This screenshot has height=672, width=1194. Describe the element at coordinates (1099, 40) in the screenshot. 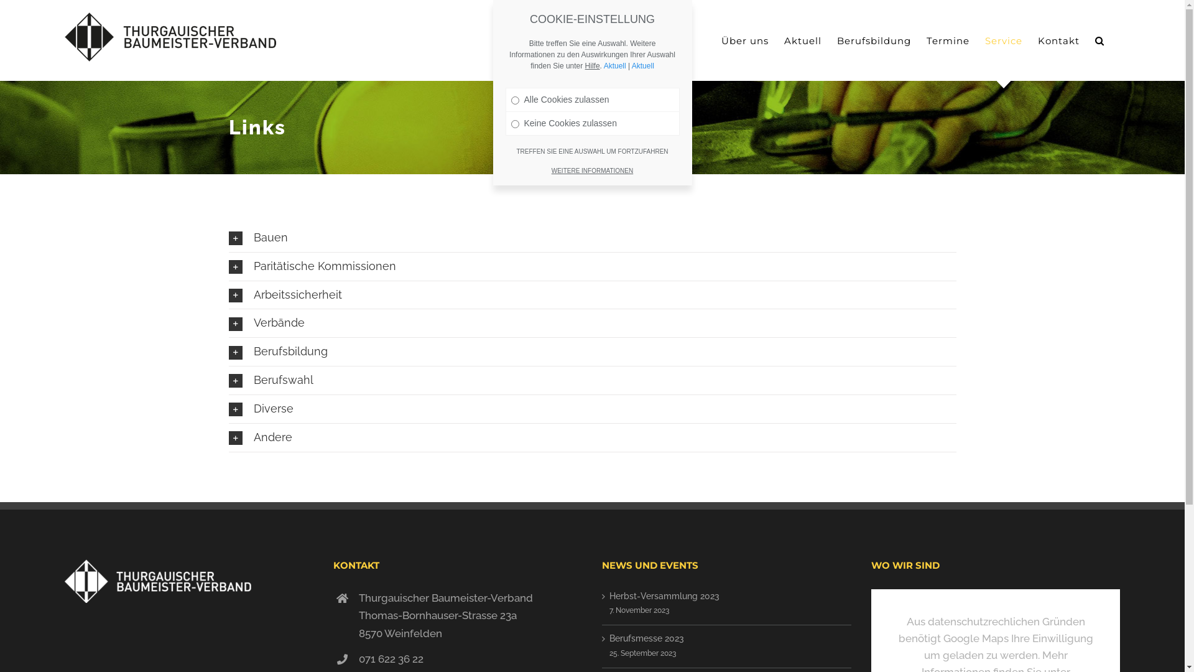

I see `'Suche'` at that location.